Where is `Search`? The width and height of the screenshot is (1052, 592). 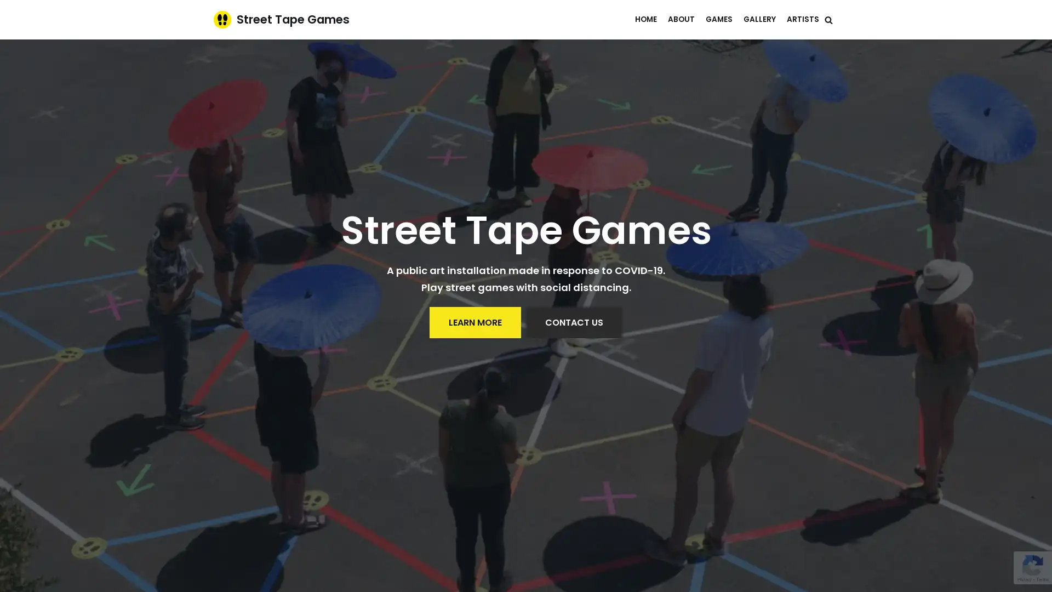
Search is located at coordinates (828, 19).